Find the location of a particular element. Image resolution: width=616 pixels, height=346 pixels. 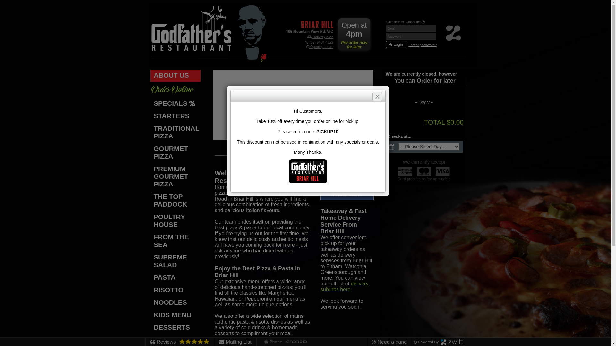

'SUPREME SALAD' is located at coordinates (150, 261).